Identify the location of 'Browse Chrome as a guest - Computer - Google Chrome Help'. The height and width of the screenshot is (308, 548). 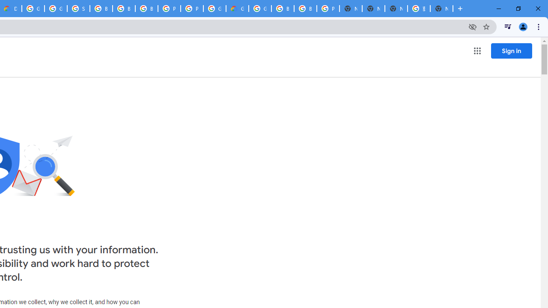
(123, 9).